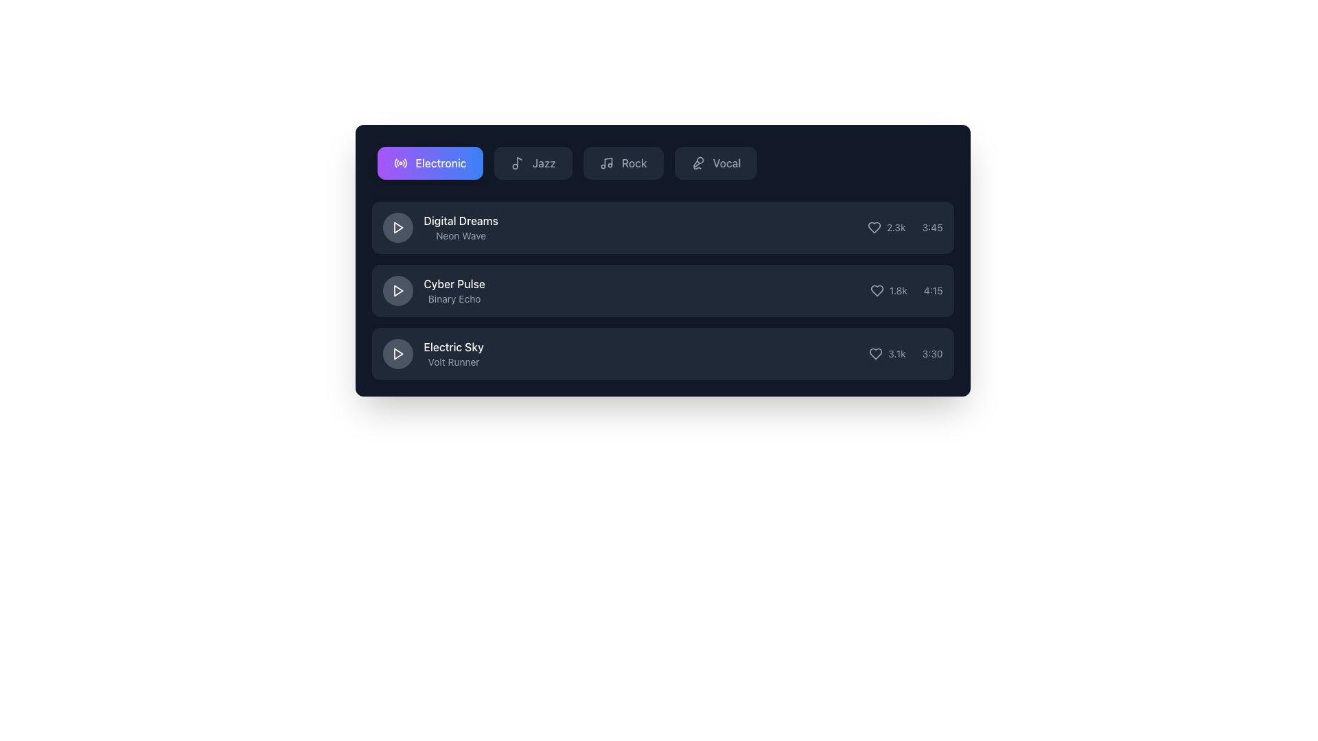 This screenshot has width=1318, height=741. Describe the element at coordinates (873, 226) in the screenshot. I see `the heart-shaped favorite or like button, which is located in the right section of the first row of song entries, near the 2.3k metric` at that location.